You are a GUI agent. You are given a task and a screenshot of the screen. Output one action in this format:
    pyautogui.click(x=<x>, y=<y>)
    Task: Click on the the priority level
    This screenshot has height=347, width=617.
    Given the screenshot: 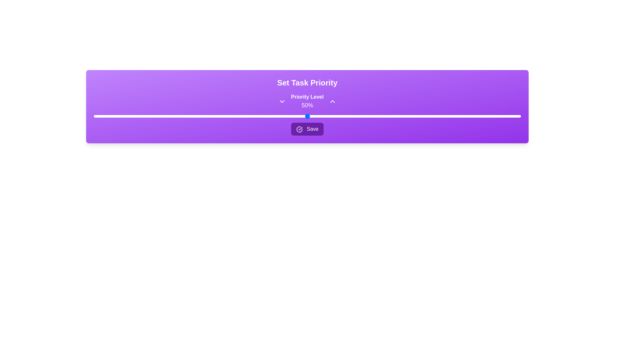 What is the action you would take?
    pyautogui.click(x=298, y=116)
    